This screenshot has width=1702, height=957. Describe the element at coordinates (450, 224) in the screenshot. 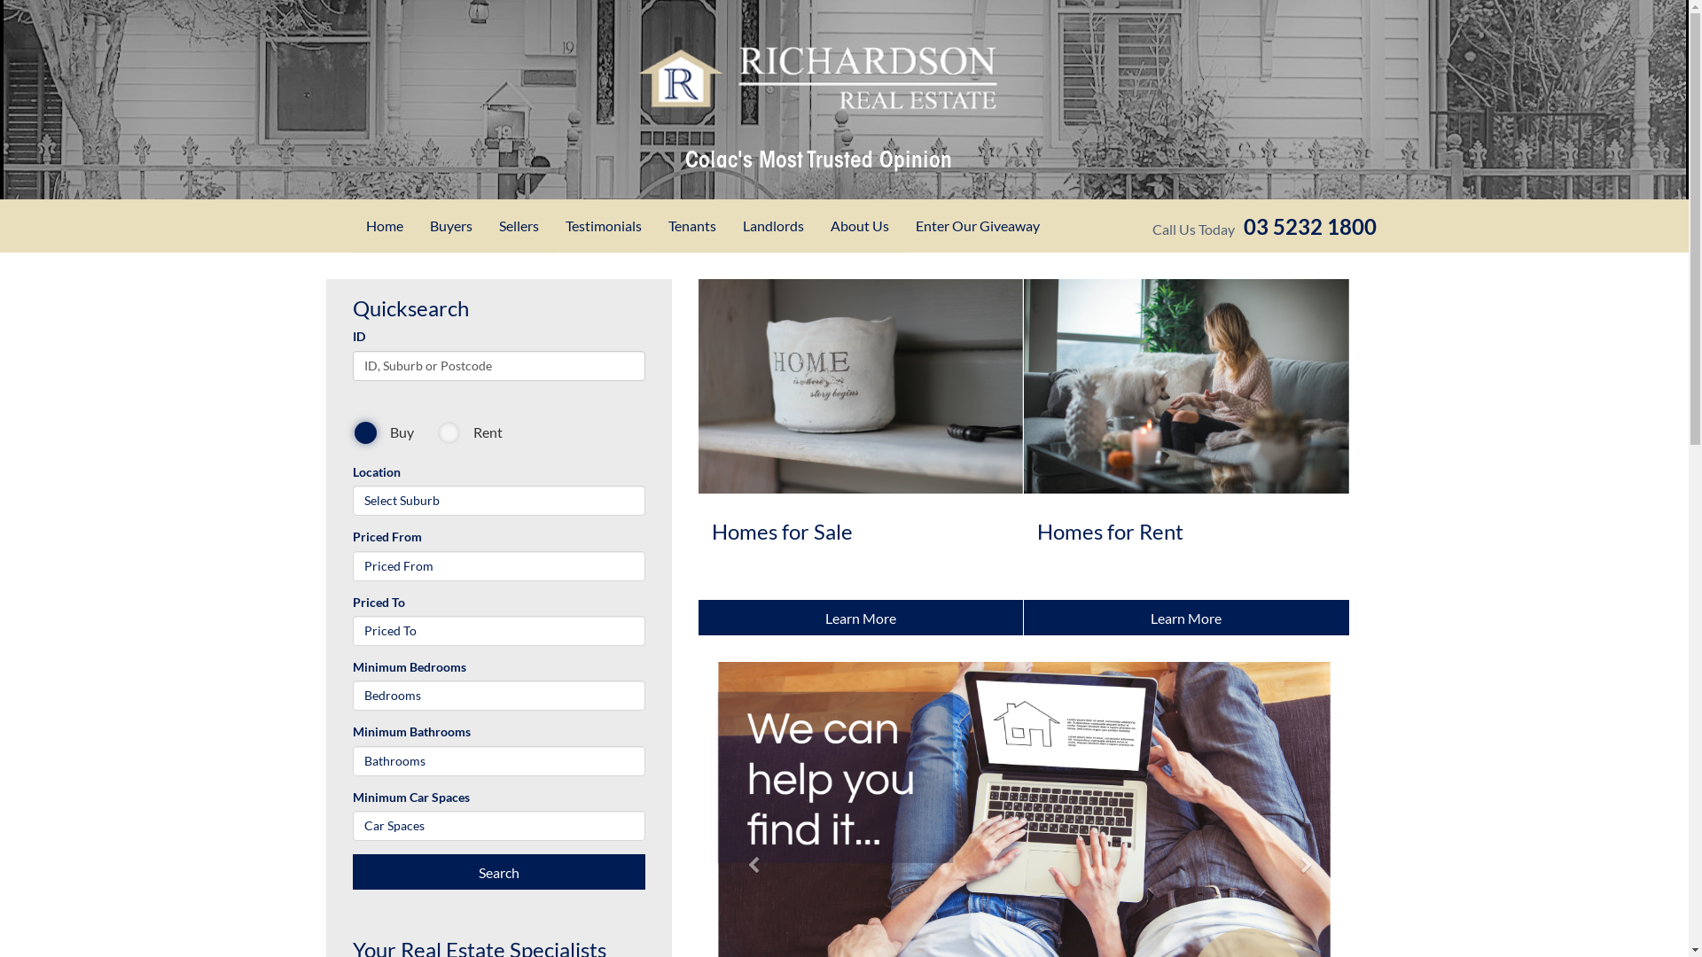

I see `'Buyers'` at that location.